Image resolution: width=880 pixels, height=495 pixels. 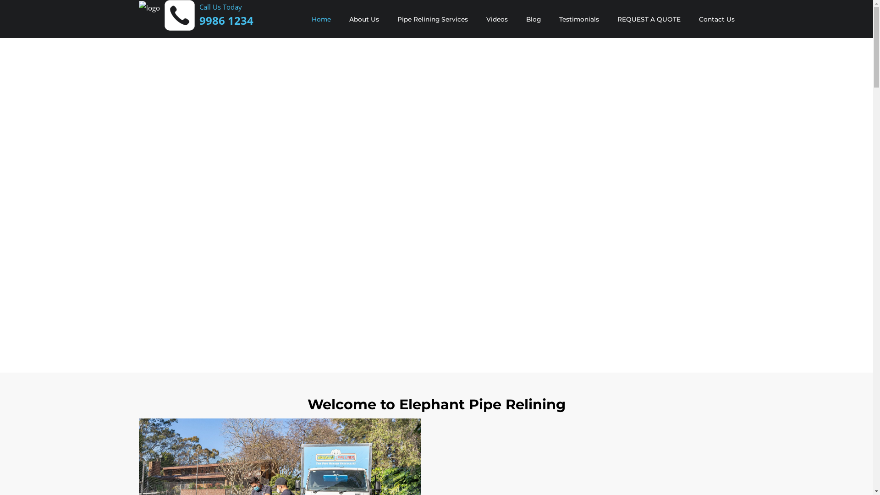 What do you see at coordinates (533, 19) in the screenshot?
I see `'Blog'` at bounding box center [533, 19].